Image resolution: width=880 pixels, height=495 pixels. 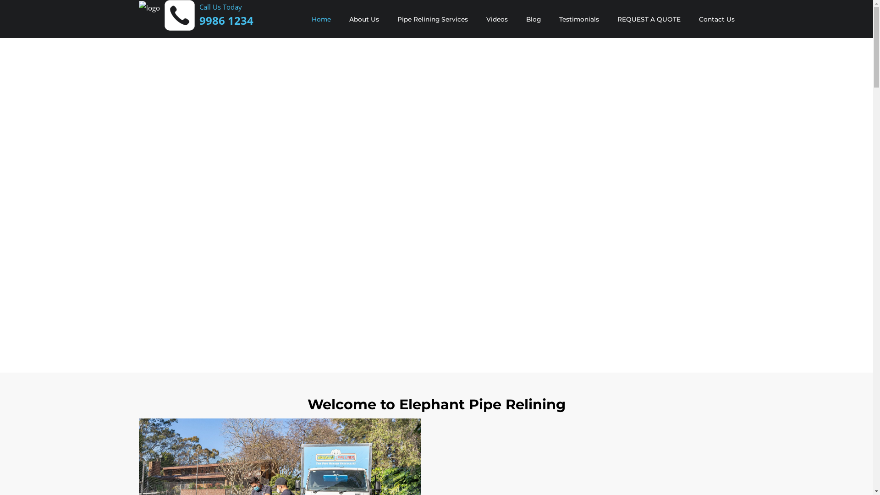 What do you see at coordinates (533, 19) in the screenshot?
I see `'Blog'` at bounding box center [533, 19].